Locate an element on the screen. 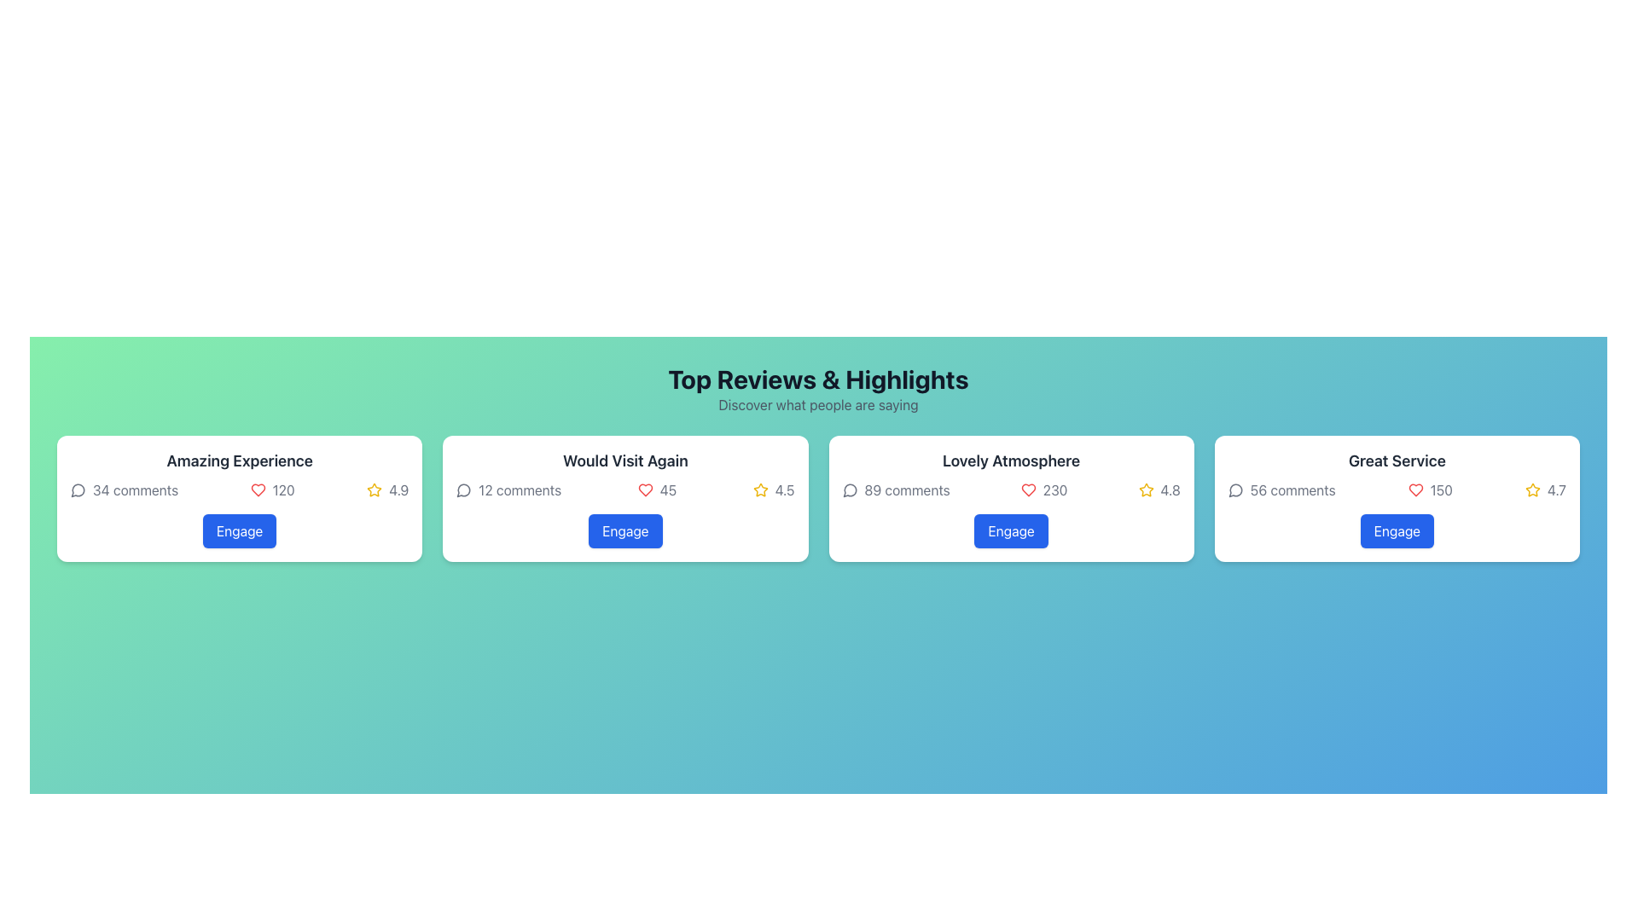 The image size is (1638, 921). the circular speech bubble icon located in the second card titled 'Would Visit Again', which is positioned to the left of the '12 comments' text is located at coordinates (464, 489).